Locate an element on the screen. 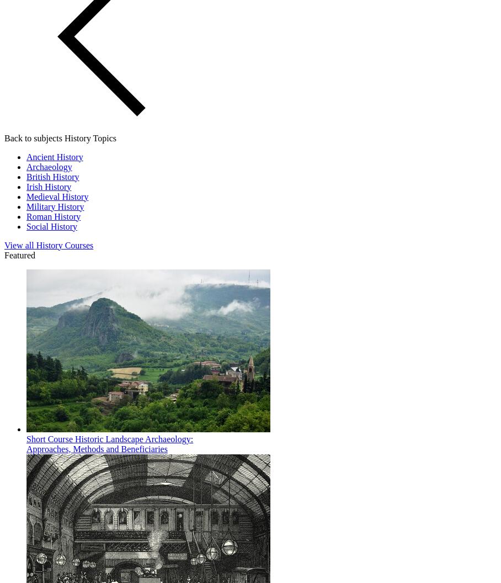  'Military History' is located at coordinates (54, 205).